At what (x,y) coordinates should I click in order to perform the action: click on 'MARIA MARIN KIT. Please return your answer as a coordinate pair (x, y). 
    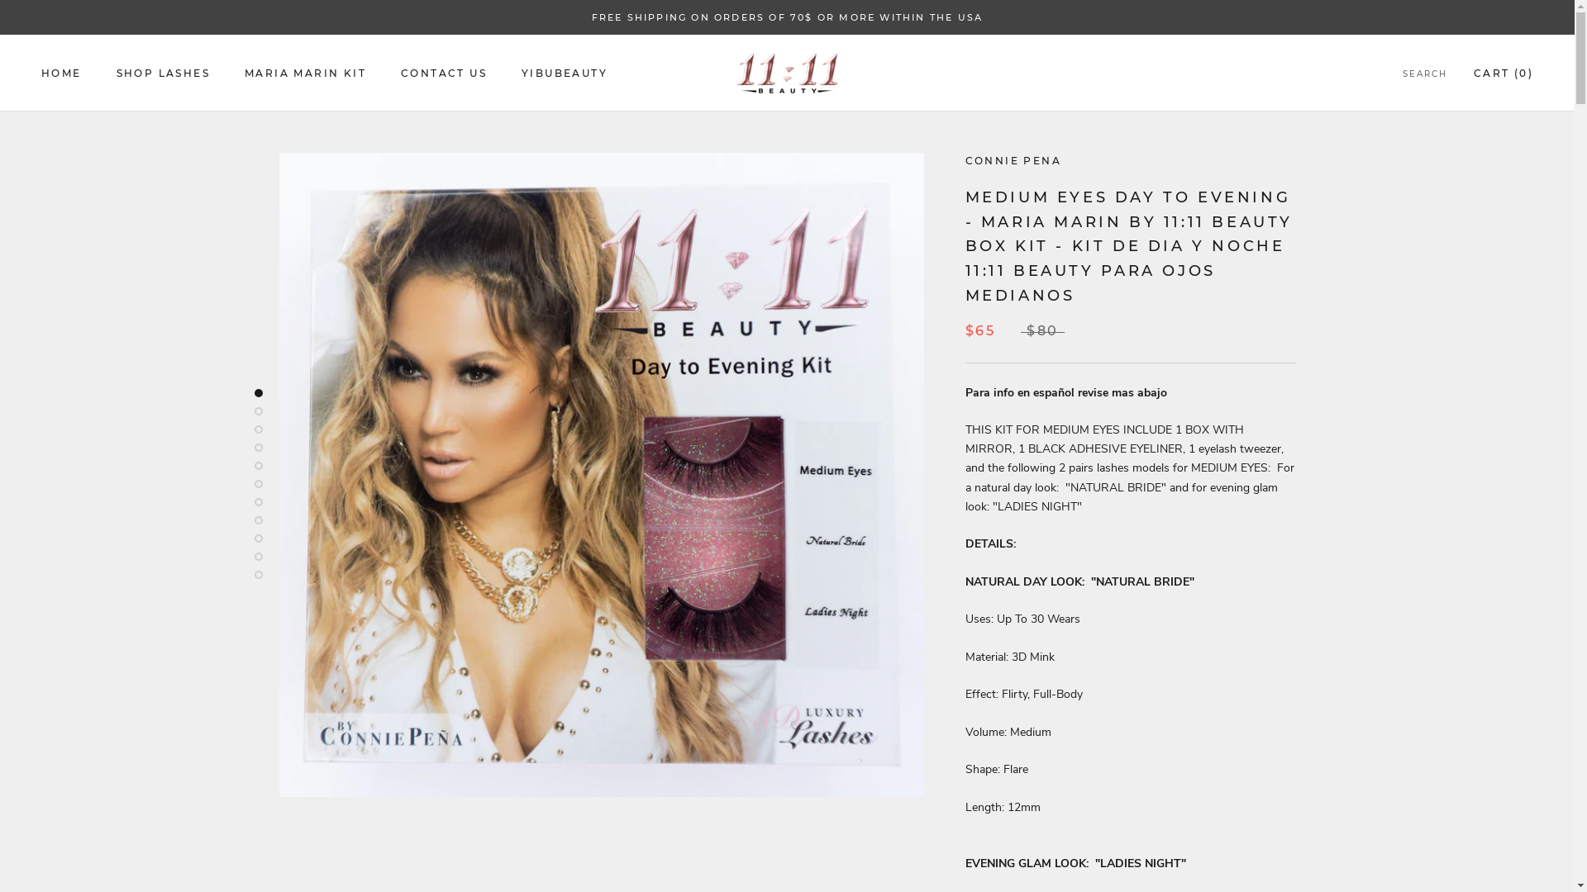
    Looking at the image, I should click on (305, 72).